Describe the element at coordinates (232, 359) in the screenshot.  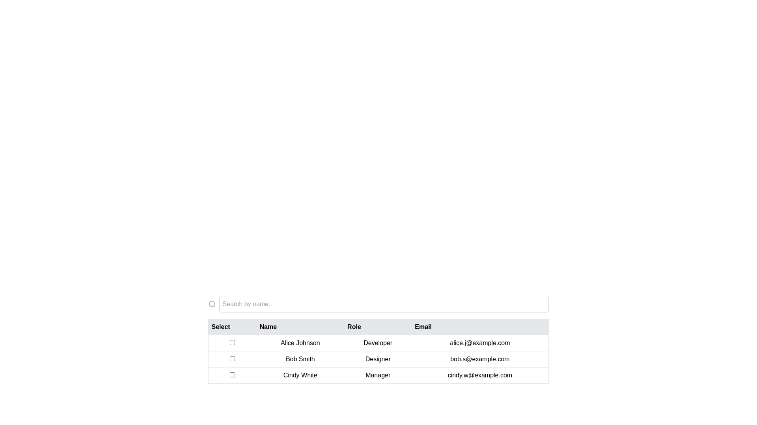
I see `the empty checkbox in the second row of the table, adjacent to 'Bob Smith', to potentially display a tooltip` at that location.